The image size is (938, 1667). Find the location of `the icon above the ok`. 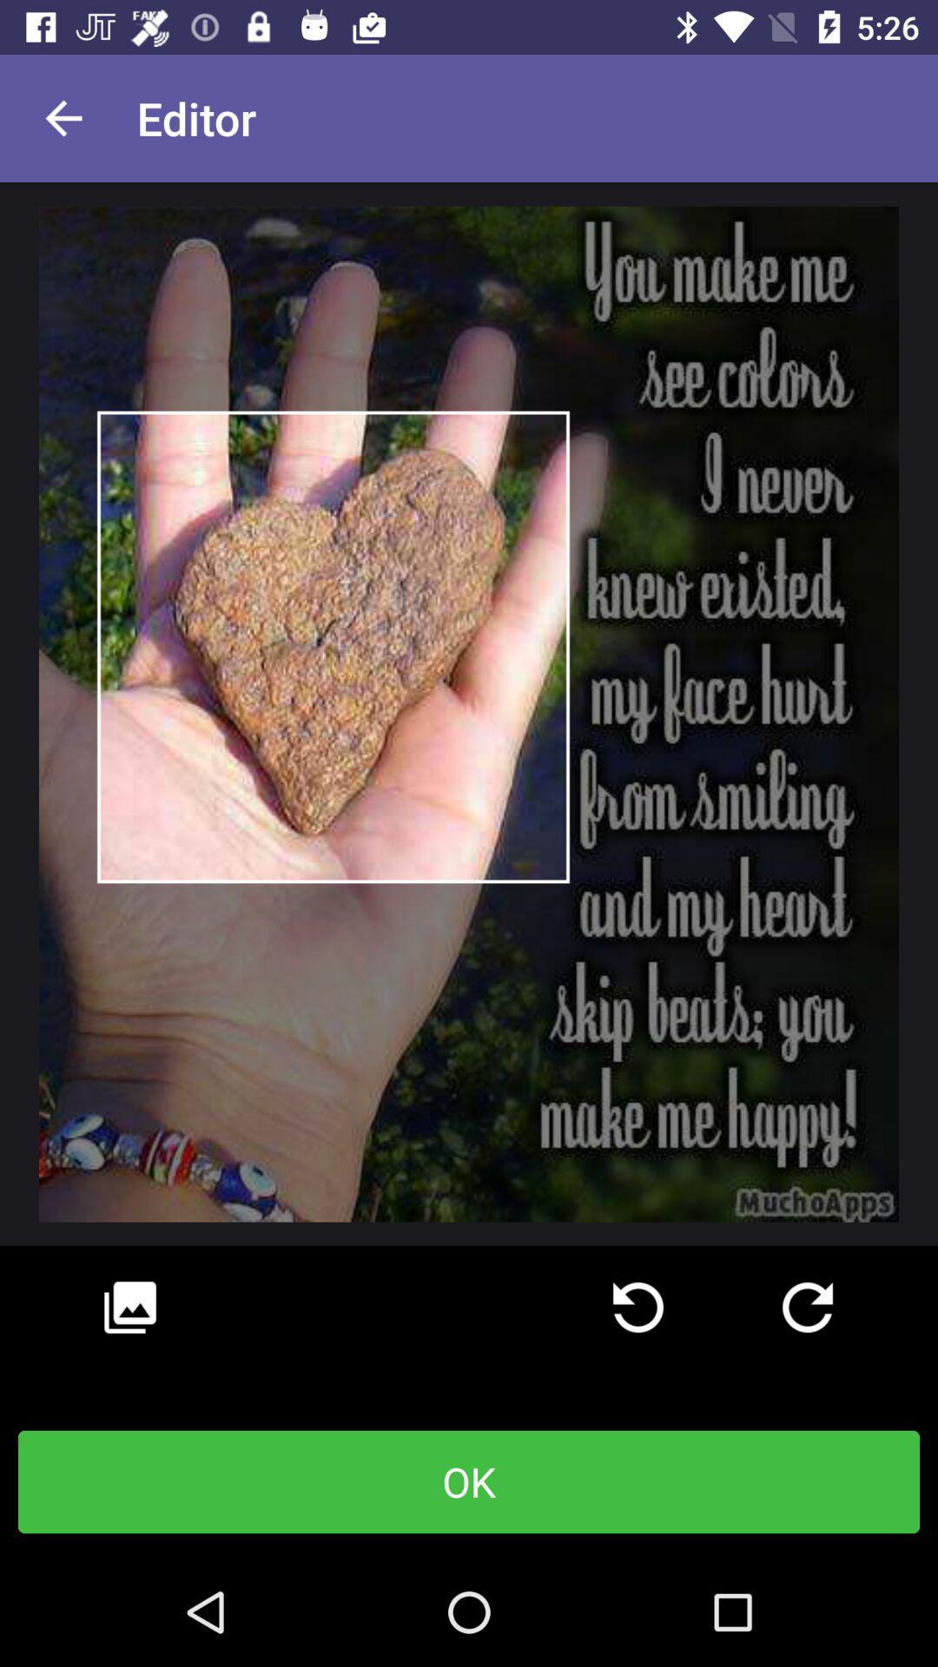

the icon above the ok is located at coordinates (638, 1308).